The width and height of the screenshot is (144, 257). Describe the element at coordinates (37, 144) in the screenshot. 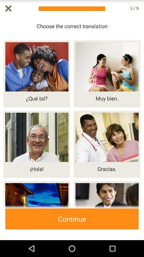

I see `first image in the second row` at that location.